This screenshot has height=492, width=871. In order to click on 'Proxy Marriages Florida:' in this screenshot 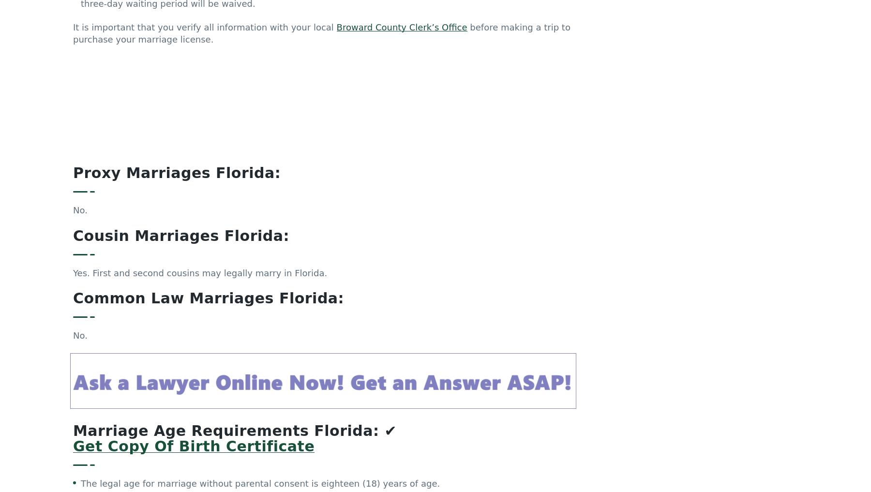, I will do `click(73, 80)`.